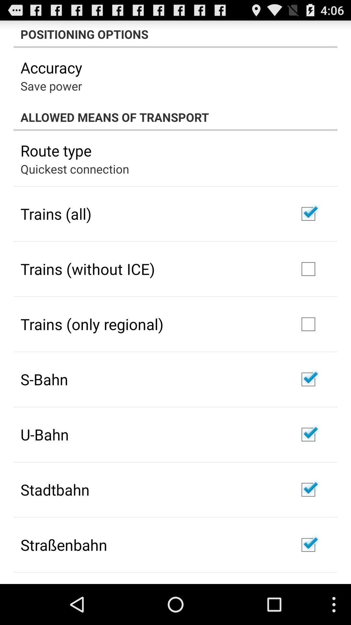 This screenshot has height=625, width=351. Describe the element at coordinates (56, 150) in the screenshot. I see `item above quickest connection` at that location.